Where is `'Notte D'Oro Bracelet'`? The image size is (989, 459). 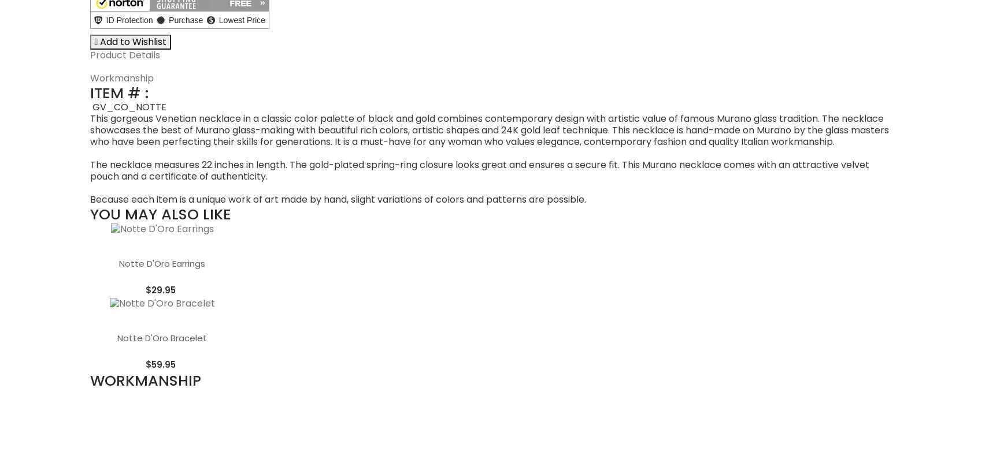 'Notte D'Oro Bracelet' is located at coordinates (161, 125).